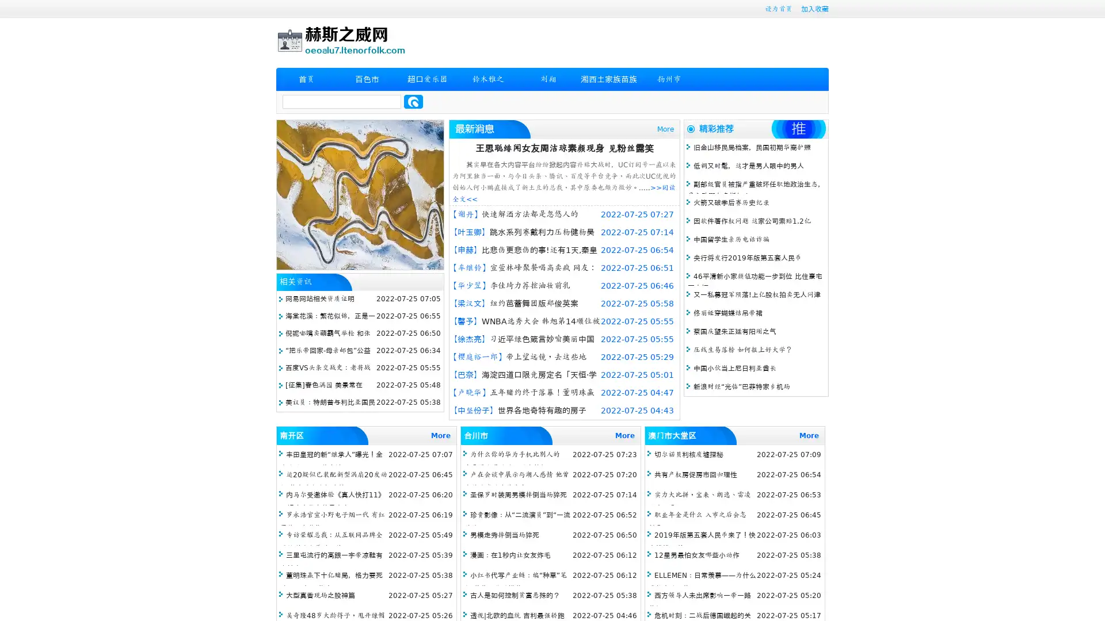 This screenshot has height=621, width=1105. What do you see at coordinates (413, 101) in the screenshot?
I see `Search` at bounding box center [413, 101].